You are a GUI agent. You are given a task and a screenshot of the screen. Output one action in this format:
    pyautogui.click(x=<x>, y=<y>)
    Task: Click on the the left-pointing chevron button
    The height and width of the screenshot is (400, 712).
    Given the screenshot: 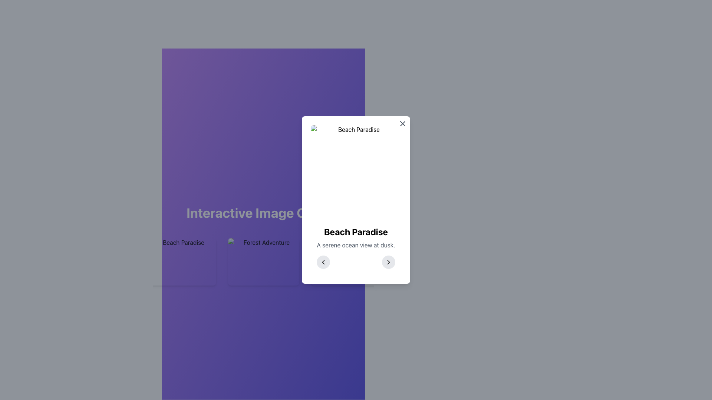 What is the action you would take?
    pyautogui.click(x=323, y=262)
    